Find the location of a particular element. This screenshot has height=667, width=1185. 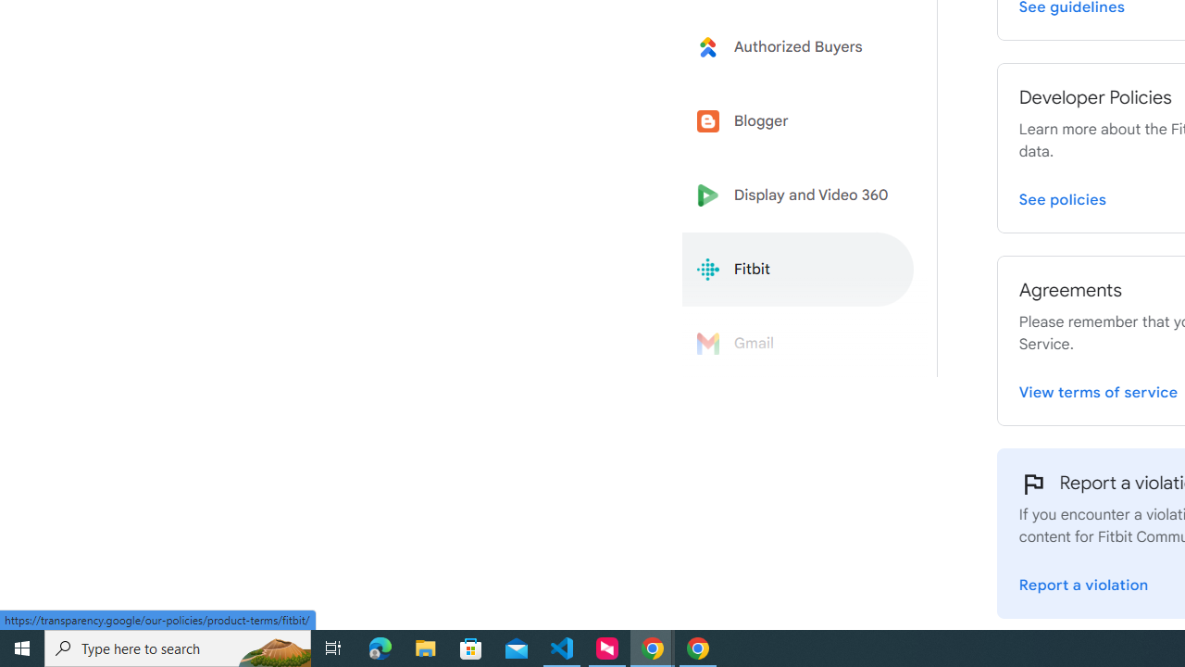

'Fitbit' is located at coordinates (798, 270).